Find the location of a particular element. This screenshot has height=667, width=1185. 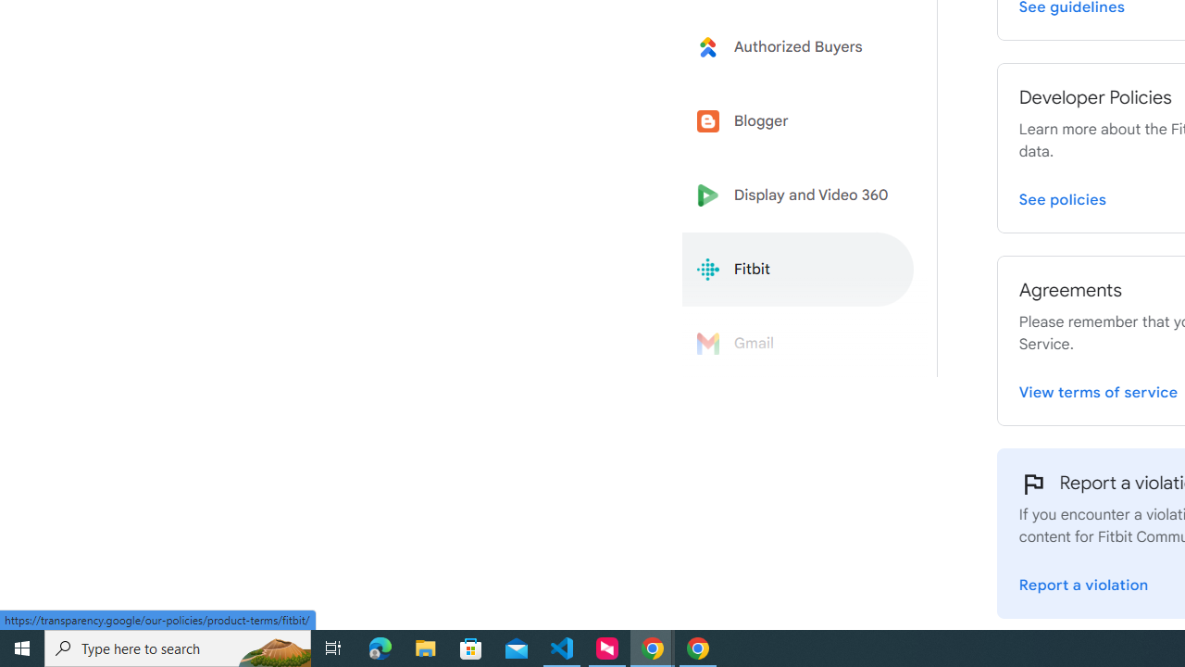

'Fitbit' is located at coordinates (798, 270).